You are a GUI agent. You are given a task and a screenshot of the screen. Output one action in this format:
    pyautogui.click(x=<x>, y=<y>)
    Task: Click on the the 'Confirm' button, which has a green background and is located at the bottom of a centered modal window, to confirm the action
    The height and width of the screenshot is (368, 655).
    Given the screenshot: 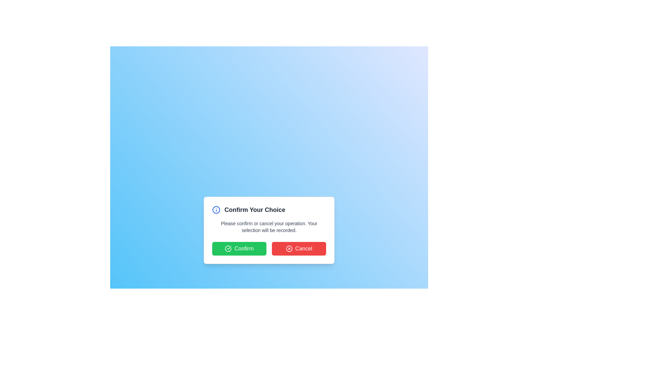 What is the action you would take?
    pyautogui.click(x=228, y=248)
    